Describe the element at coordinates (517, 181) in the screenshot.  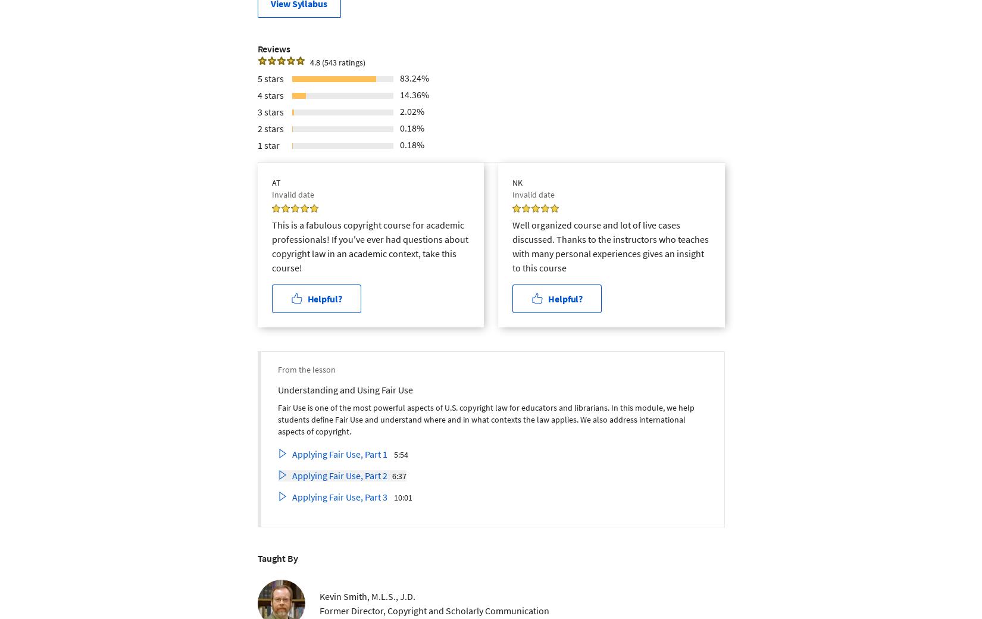
I see `'NK'` at that location.